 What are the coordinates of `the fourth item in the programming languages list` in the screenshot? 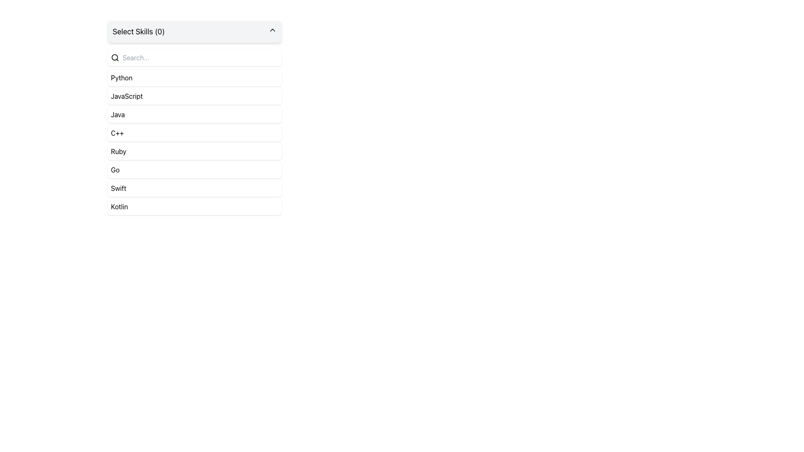 It's located at (194, 132).